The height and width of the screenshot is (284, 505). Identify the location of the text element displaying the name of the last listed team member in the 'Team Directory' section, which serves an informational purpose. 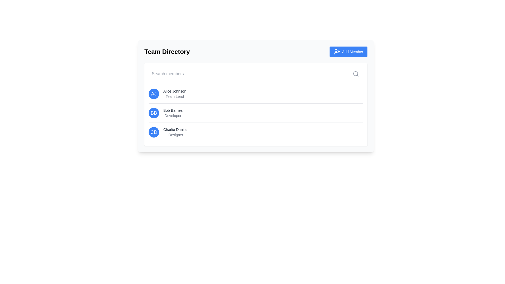
(176, 130).